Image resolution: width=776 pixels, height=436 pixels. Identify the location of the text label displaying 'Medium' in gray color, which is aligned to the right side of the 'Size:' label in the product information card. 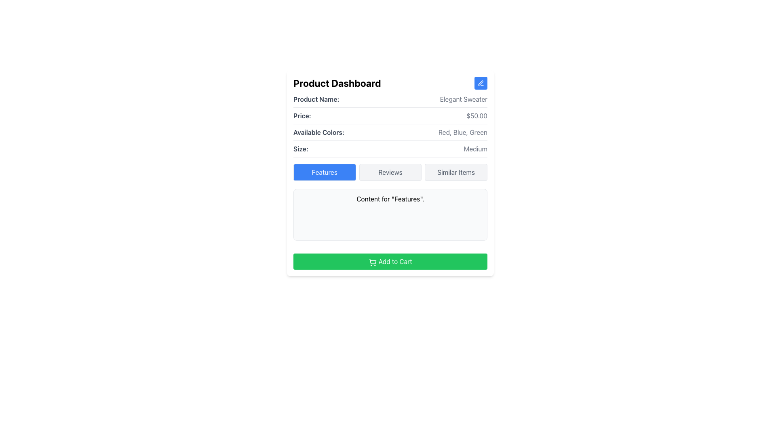
(475, 149).